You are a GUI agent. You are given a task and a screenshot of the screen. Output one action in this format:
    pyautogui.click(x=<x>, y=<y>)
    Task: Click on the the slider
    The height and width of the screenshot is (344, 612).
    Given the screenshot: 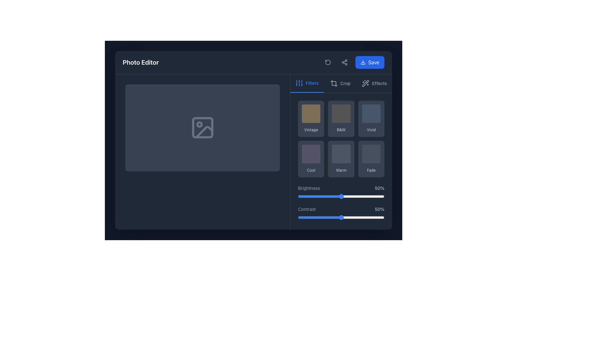 What is the action you would take?
    pyautogui.click(x=382, y=196)
    